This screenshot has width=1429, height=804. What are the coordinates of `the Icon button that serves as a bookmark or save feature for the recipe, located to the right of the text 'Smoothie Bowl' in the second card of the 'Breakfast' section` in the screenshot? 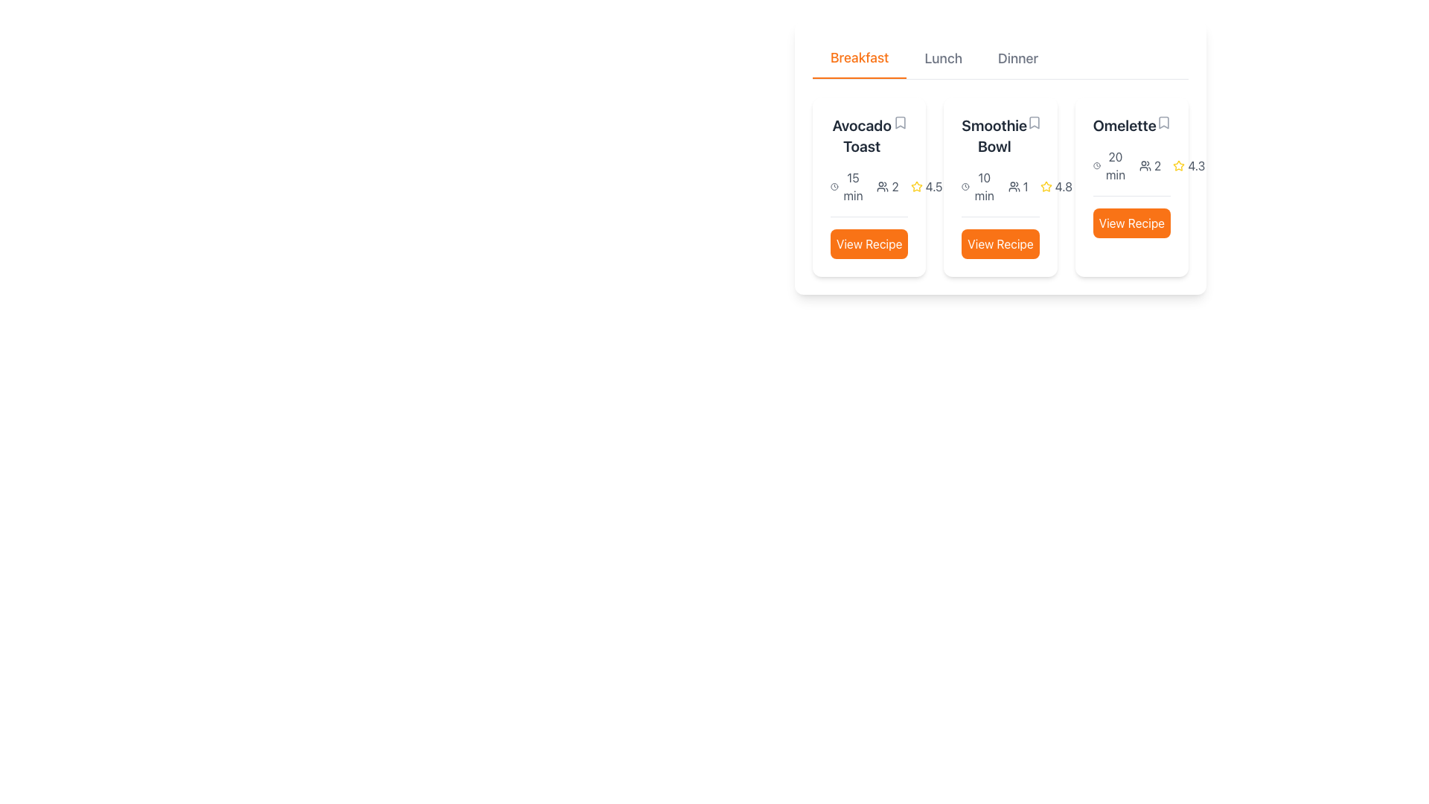 It's located at (1034, 122).